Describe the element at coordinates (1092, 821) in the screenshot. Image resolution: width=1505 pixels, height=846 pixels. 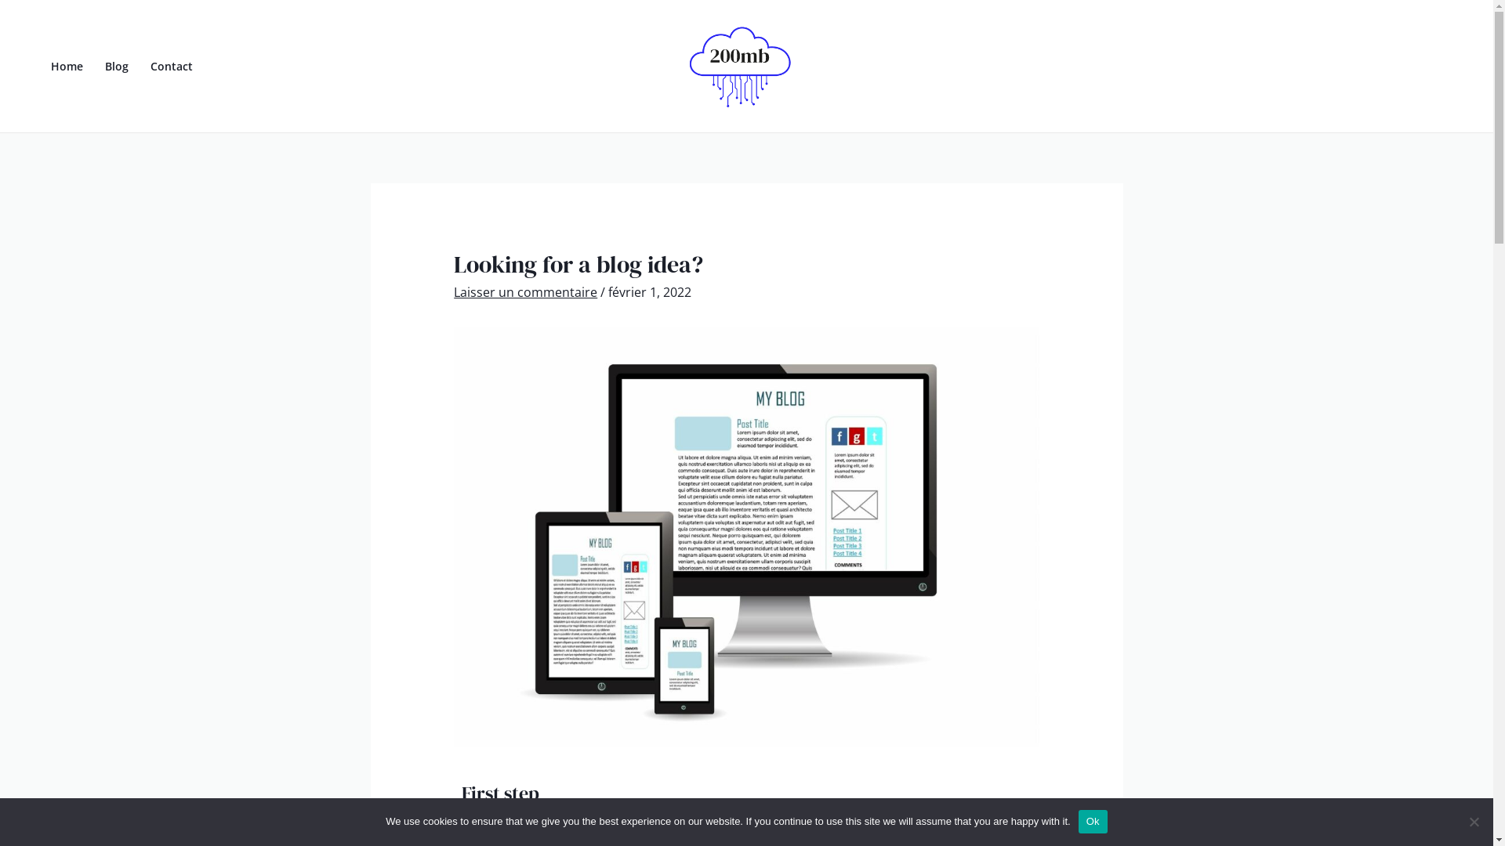
I see `'Ok'` at that location.